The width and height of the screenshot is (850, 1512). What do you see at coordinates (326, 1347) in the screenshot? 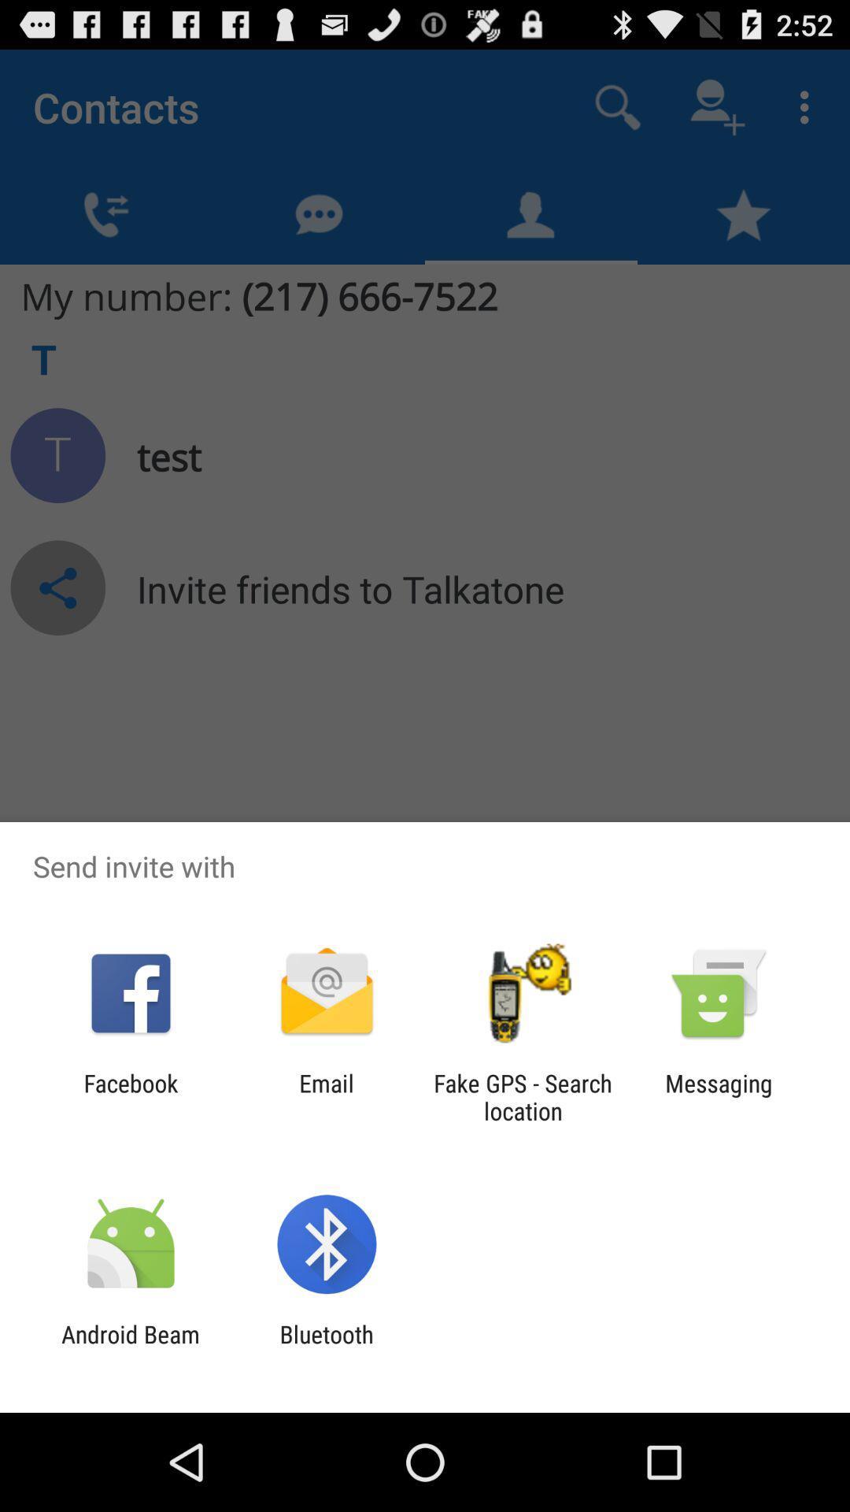
I see `the bluetooth icon` at bounding box center [326, 1347].